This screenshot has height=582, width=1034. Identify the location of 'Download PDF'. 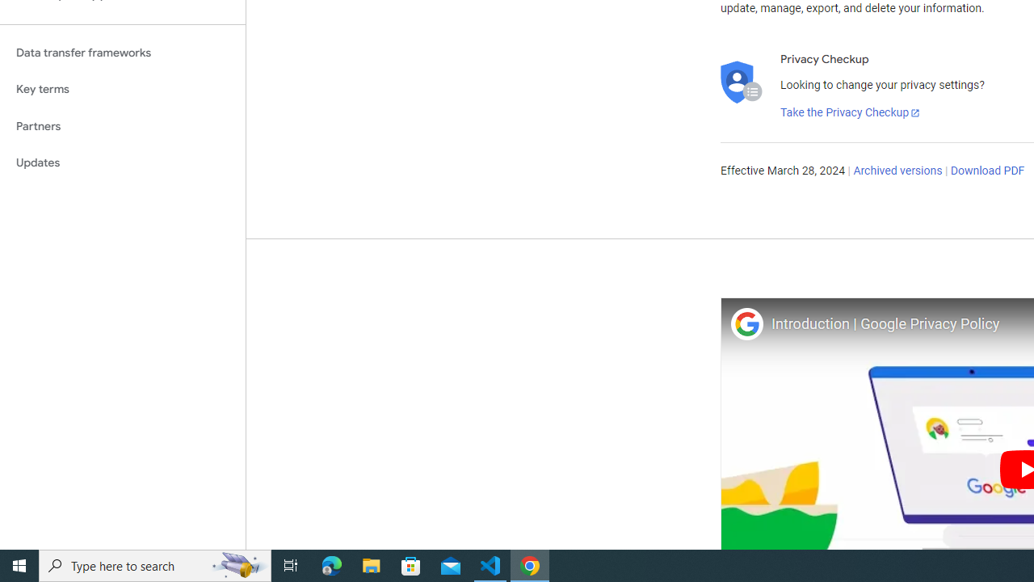
(986, 171).